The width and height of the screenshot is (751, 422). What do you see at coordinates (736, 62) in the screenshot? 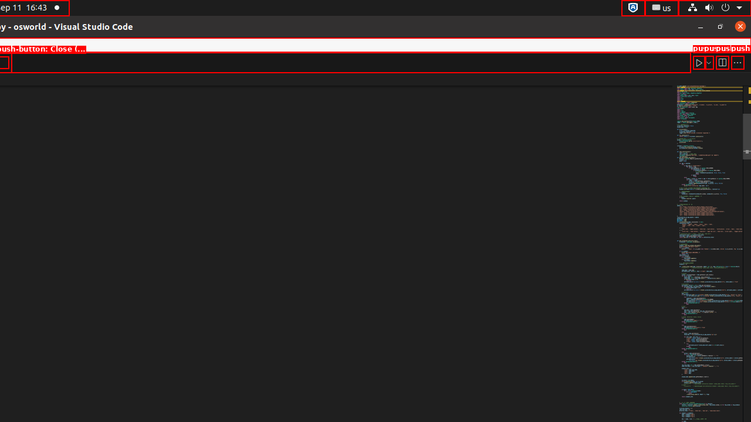
I see `'More Actions...'` at bounding box center [736, 62].